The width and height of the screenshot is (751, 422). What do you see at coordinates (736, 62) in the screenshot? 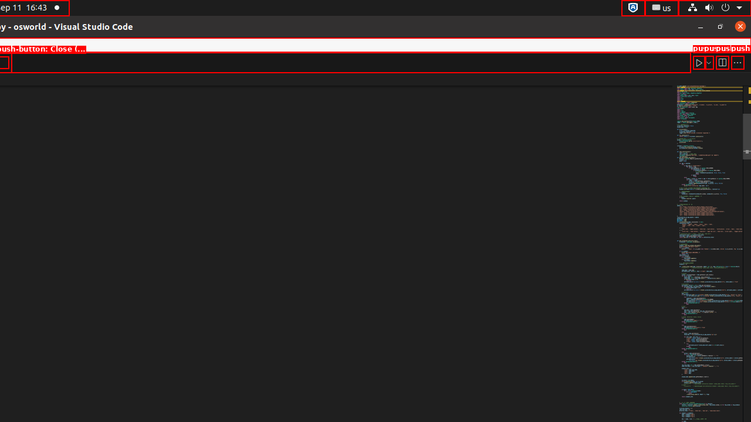
I see `'More Actions...'` at bounding box center [736, 62].